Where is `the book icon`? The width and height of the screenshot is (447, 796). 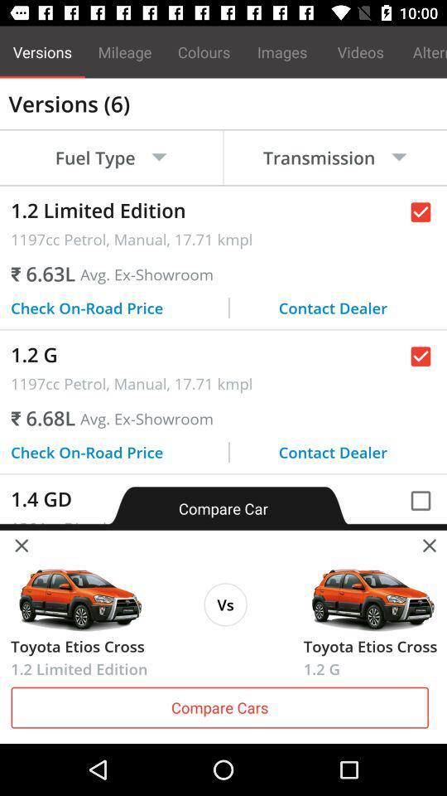
the book icon is located at coordinates (78, 595).